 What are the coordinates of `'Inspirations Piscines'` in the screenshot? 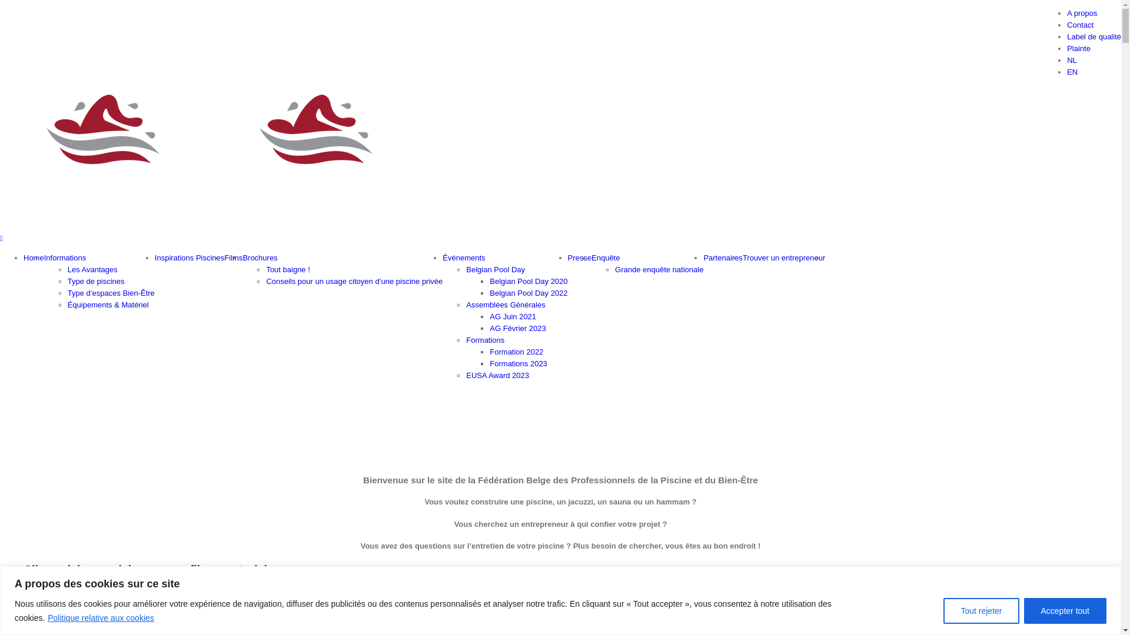 It's located at (190, 257).